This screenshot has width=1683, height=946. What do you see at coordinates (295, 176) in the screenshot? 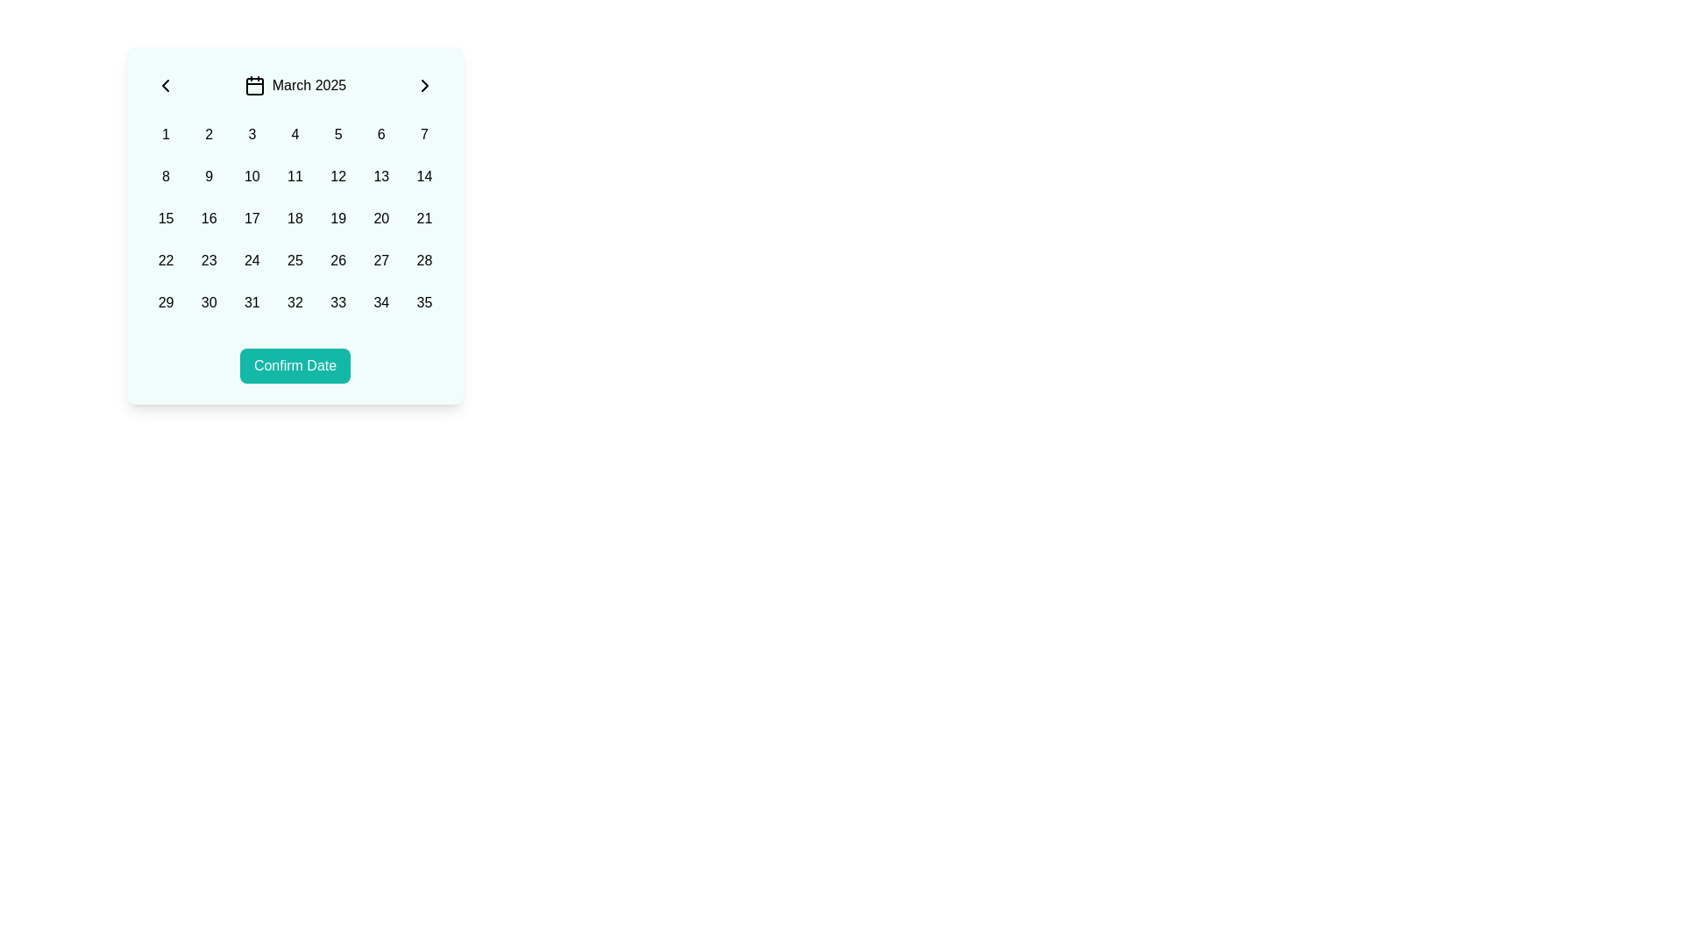
I see `the button displaying the number '11' in the second row, fourth column of the calendar grid` at bounding box center [295, 176].